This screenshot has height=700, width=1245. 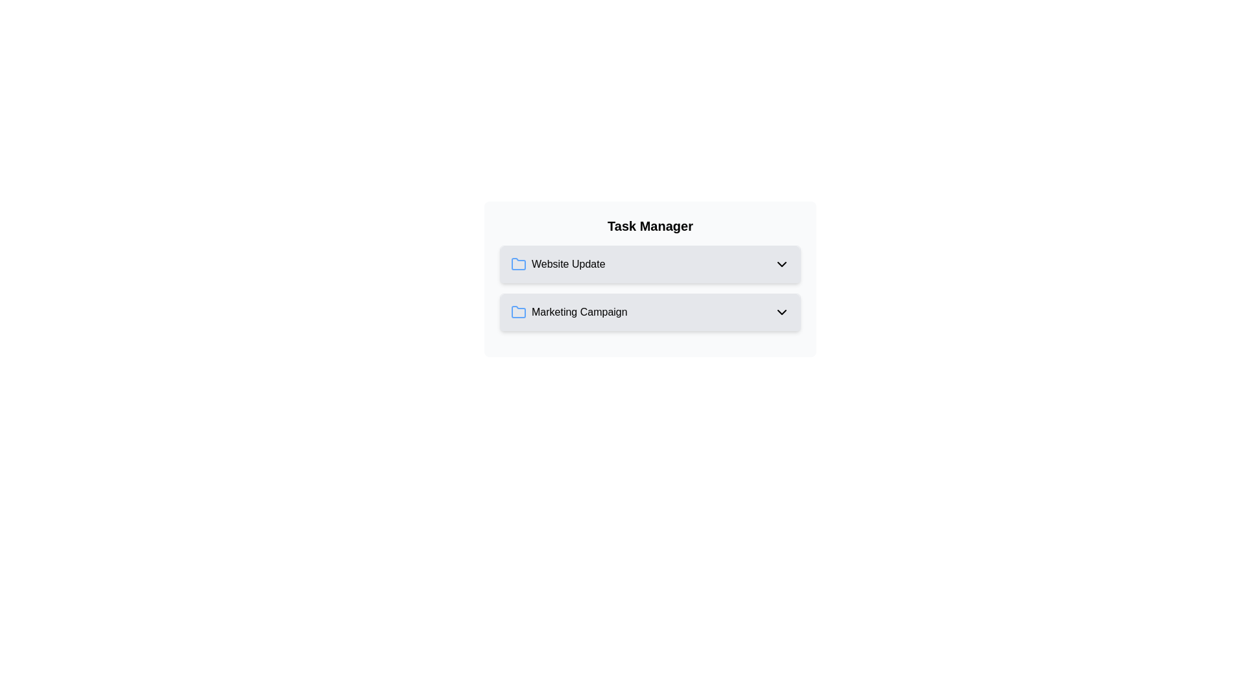 What do you see at coordinates (781, 312) in the screenshot?
I see `chevron icon of the task Marketing Campaign to toggle its visibility` at bounding box center [781, 312].